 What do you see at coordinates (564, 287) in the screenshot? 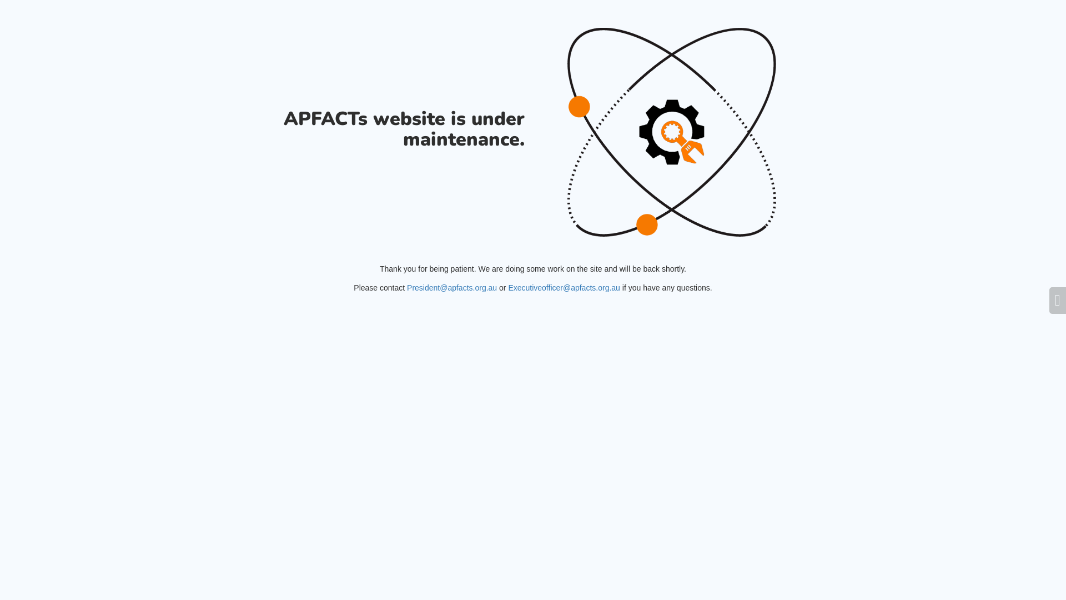
I see `'Executiveofficer@apfacts.org.au'` at bounding box center [564, 287].